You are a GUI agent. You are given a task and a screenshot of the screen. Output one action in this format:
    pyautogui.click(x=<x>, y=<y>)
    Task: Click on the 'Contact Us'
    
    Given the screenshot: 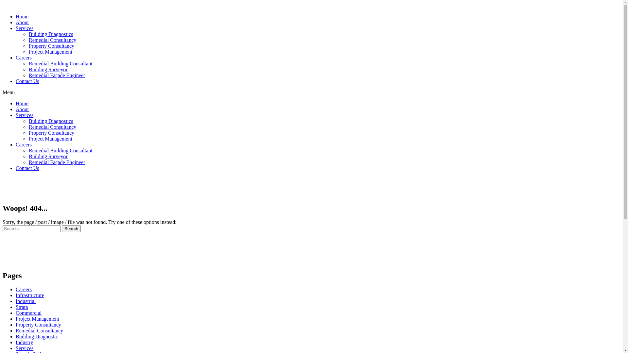 What is the action you would take?
    pyautogui.click(x=27, y=81)
    